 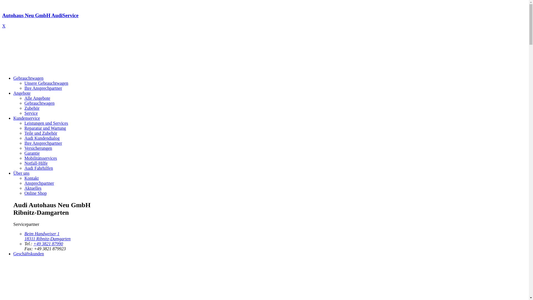 What do you see at coordinates (24, 236) in the screenshot?
I see `'Beim Handweiser 1` at bounding box center [24, 236].